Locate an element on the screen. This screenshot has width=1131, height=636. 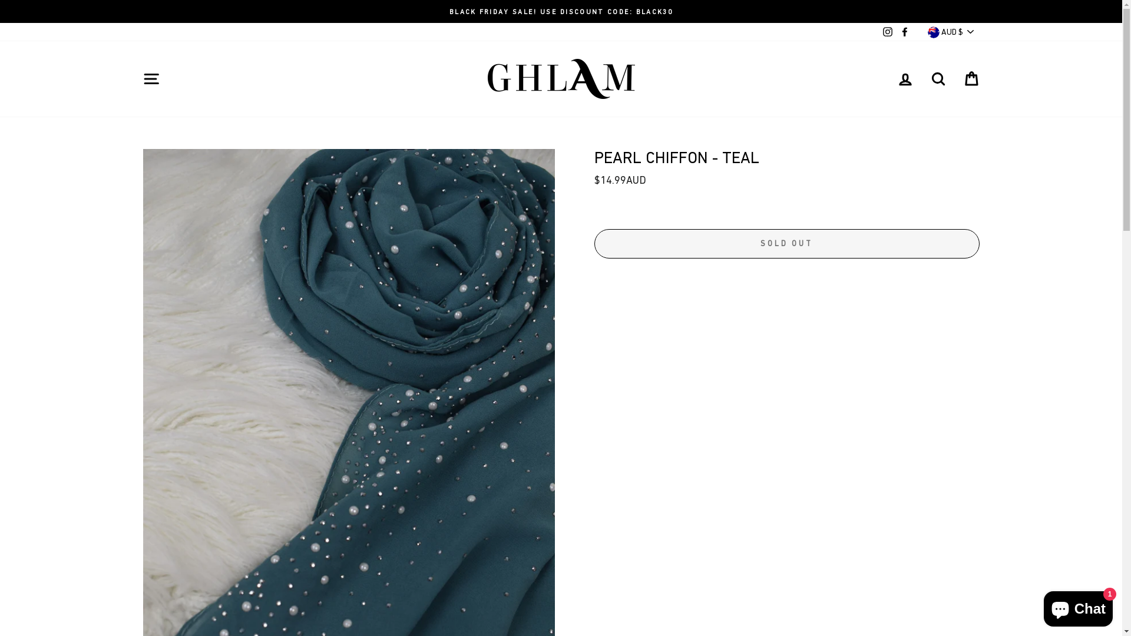
'AUD $' is located at coordinates (951, 31).